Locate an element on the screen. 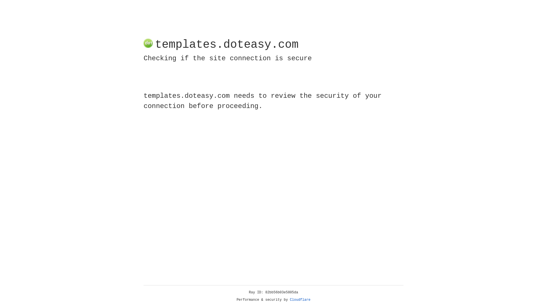 The height and width of the screenshot is (307, 547). 'Cloudflare' is located at coordinates (300, 300).